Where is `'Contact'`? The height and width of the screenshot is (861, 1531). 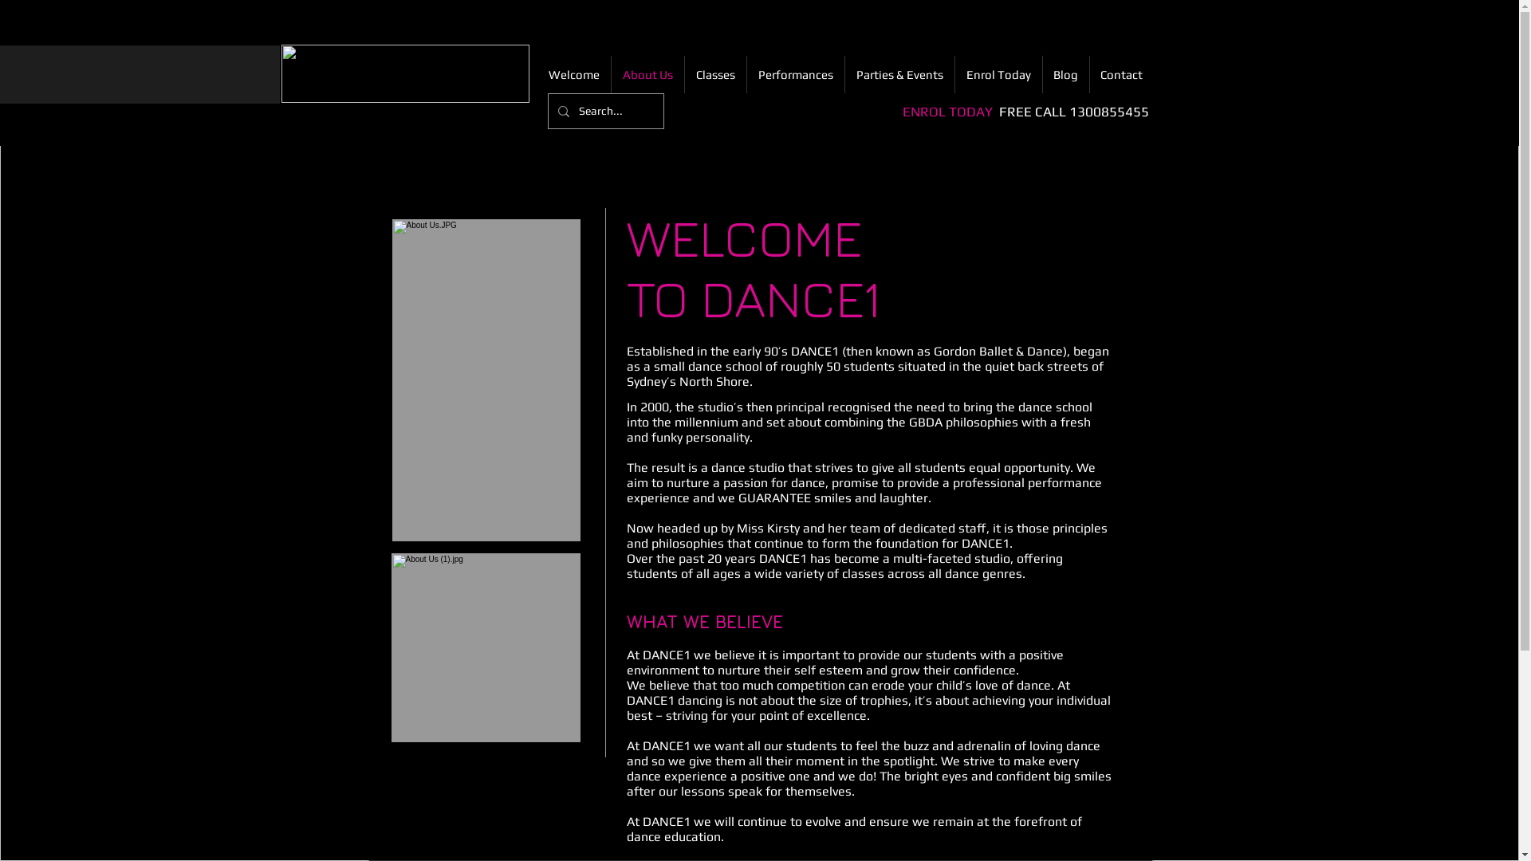
'Contact' is located at coordinates (1120, 74).